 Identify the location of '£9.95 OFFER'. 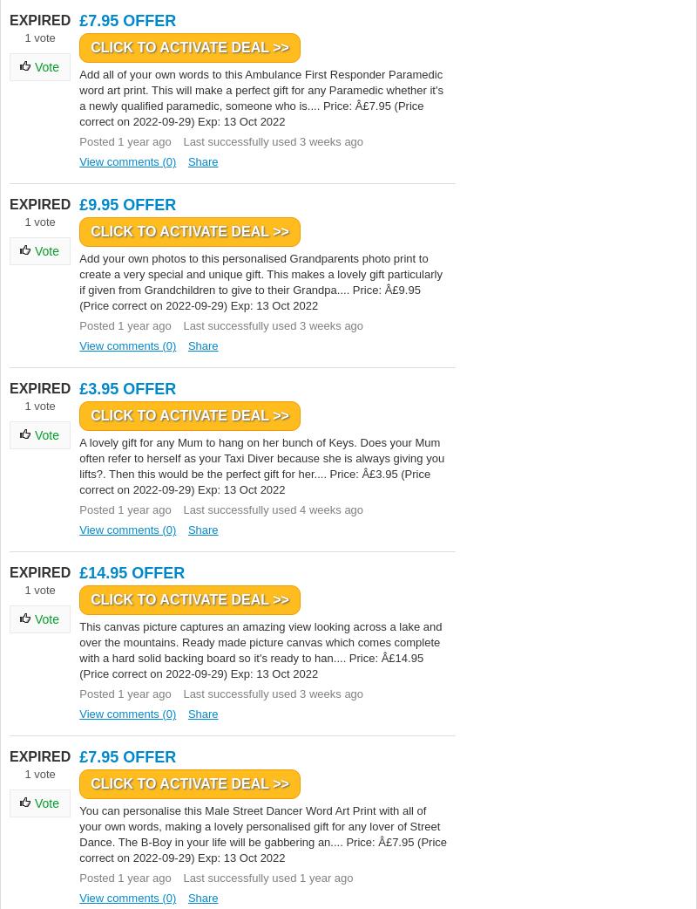
(127, 203).